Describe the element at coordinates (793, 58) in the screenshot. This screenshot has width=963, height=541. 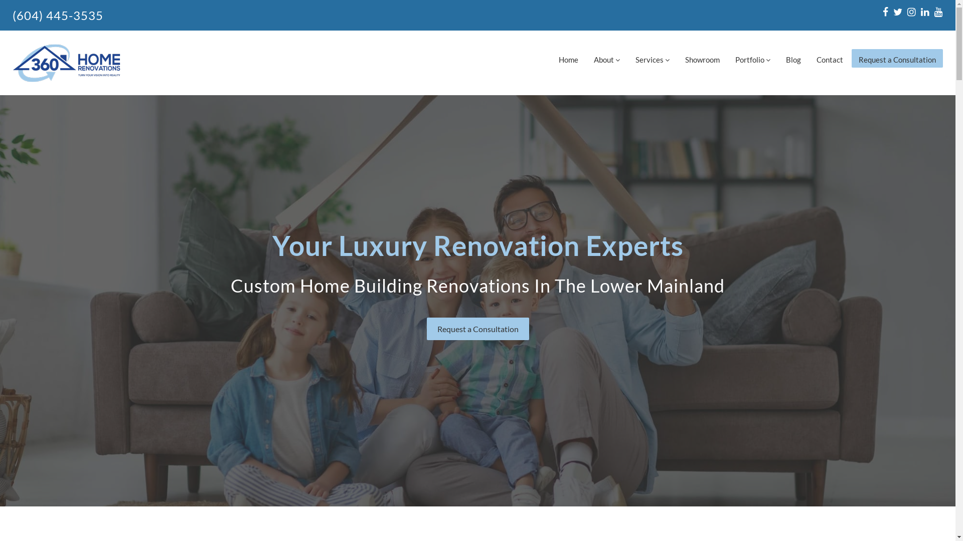
I see `'Blog'` at that location.